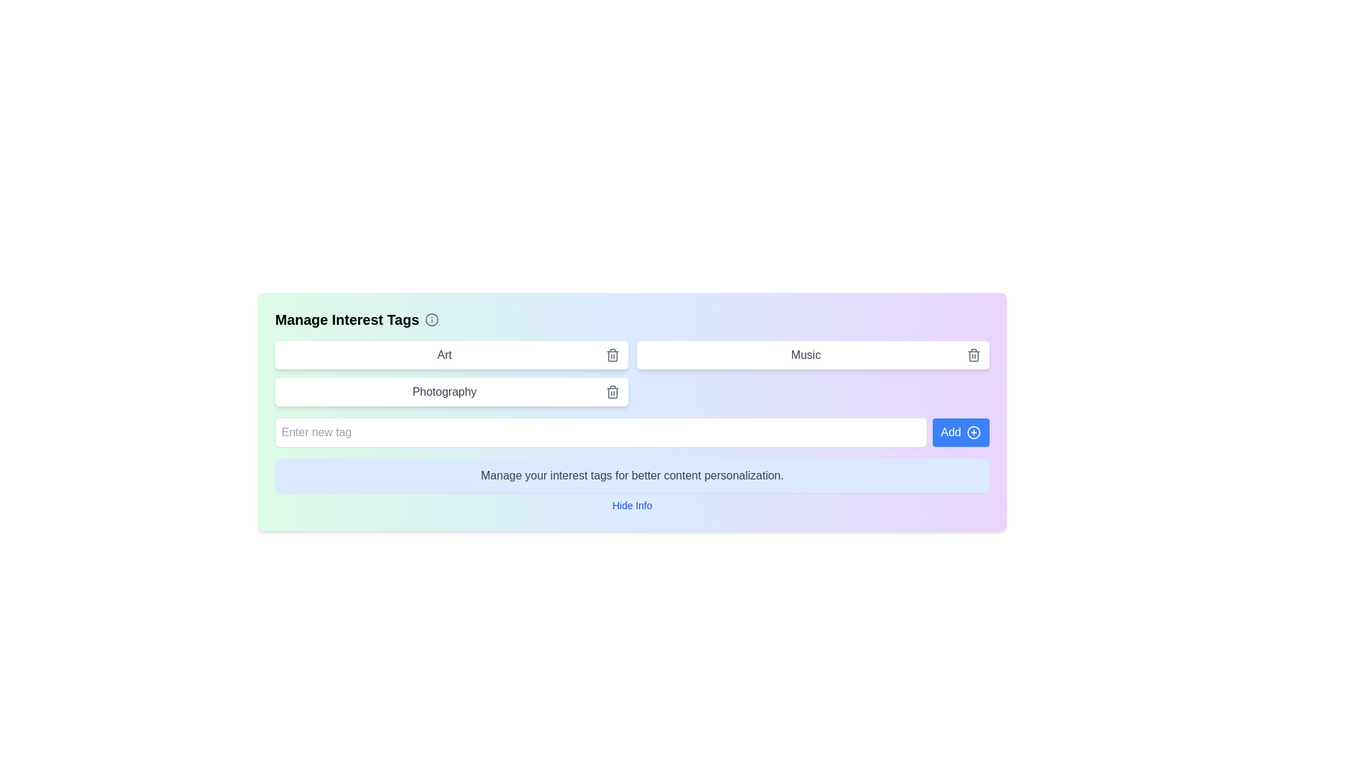 This screenshot has height=766, width=1362. I want to click on the icon for adding a new tag, located to the right of the 'Add' button text at the bottom-left corner of the interface, so click(973, 431).